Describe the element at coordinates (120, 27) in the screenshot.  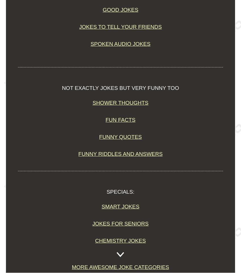
I see `'Jokes to Tell Your Friends'` at that location.